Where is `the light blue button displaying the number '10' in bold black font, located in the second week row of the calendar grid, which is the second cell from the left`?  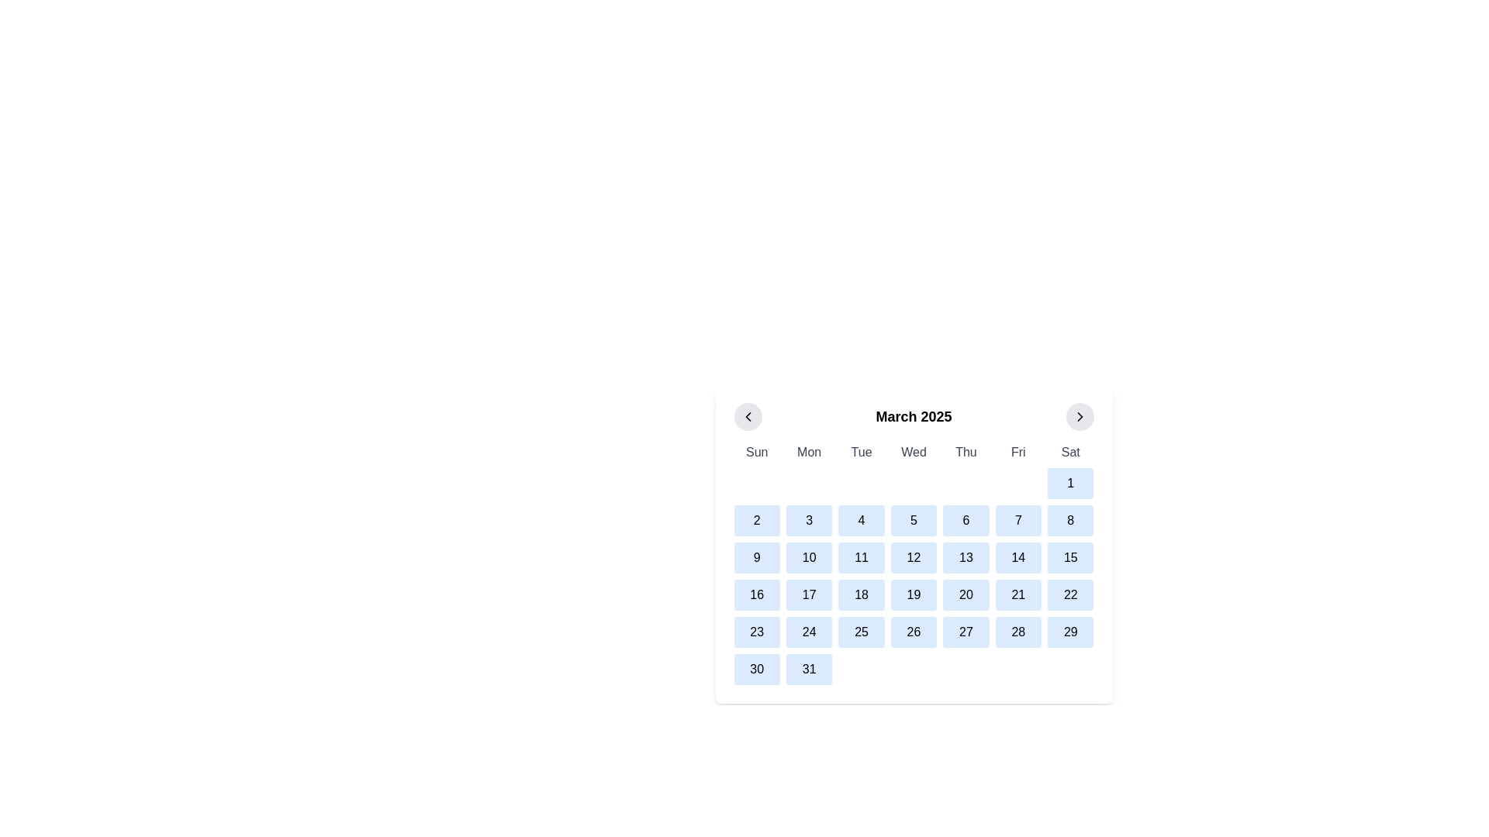 the light blue button displaying the number '10' in bold black font, located in the second week row of the calendar grid, which is the second cell from the left is located at coordinates (808, 558).